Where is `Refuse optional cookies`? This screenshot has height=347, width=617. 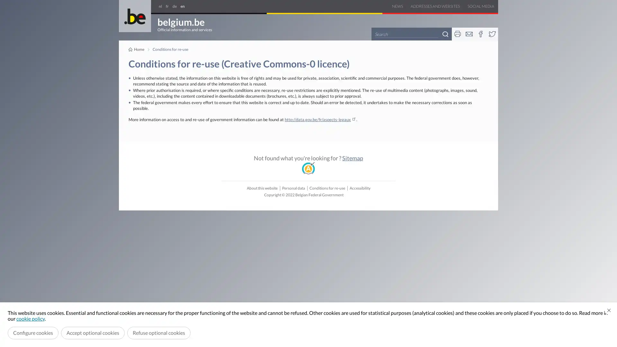 Refuse optional cookies is located at coordinates (159, 333).